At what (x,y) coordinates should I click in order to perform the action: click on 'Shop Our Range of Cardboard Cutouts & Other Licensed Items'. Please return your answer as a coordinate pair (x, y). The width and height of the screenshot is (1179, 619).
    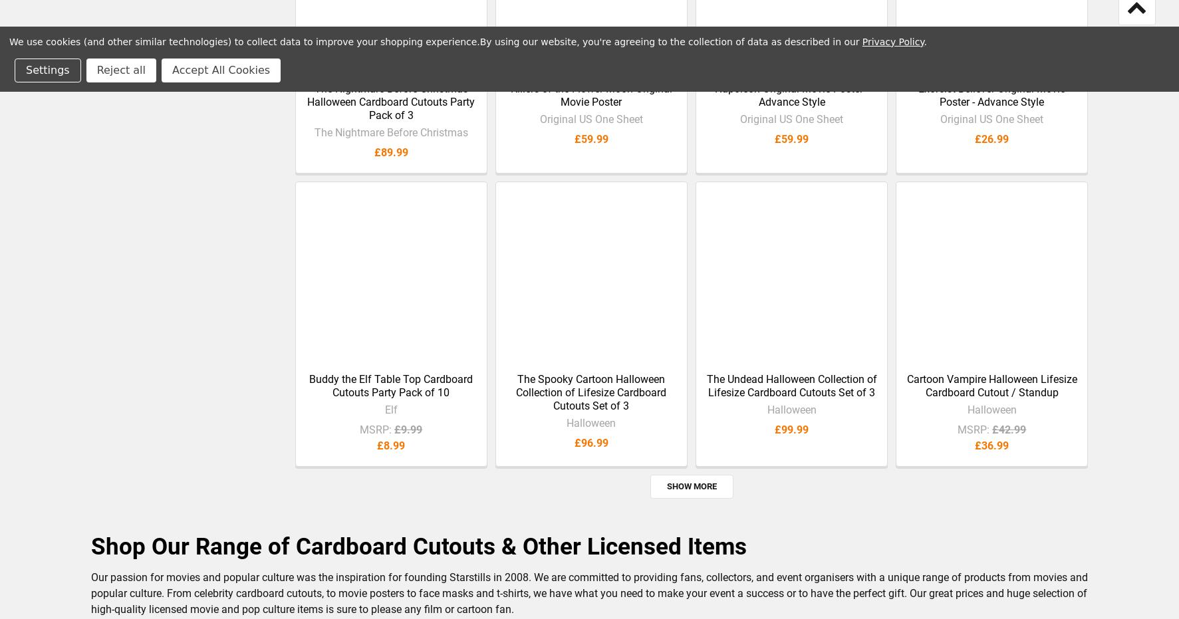
    Looking at the image, I should click on (418, 557).